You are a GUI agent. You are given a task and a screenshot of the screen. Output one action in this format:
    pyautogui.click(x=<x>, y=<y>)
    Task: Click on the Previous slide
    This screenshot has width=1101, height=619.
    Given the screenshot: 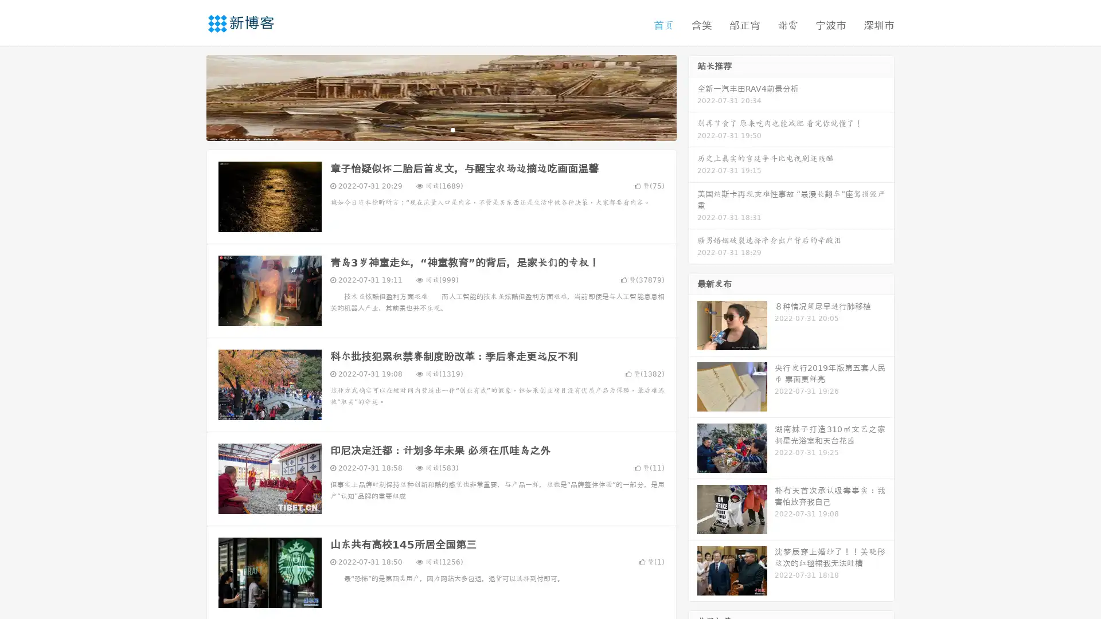 What is the action you would take?
    pyautogui.click(x=189, y=96)
    